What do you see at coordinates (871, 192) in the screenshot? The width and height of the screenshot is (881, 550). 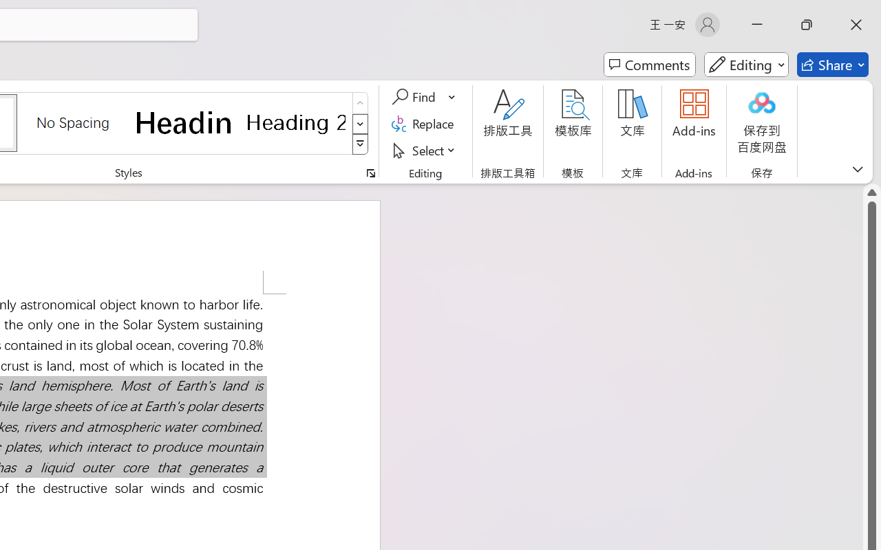 I see `'Line up'` at bounding box center [871, 192].